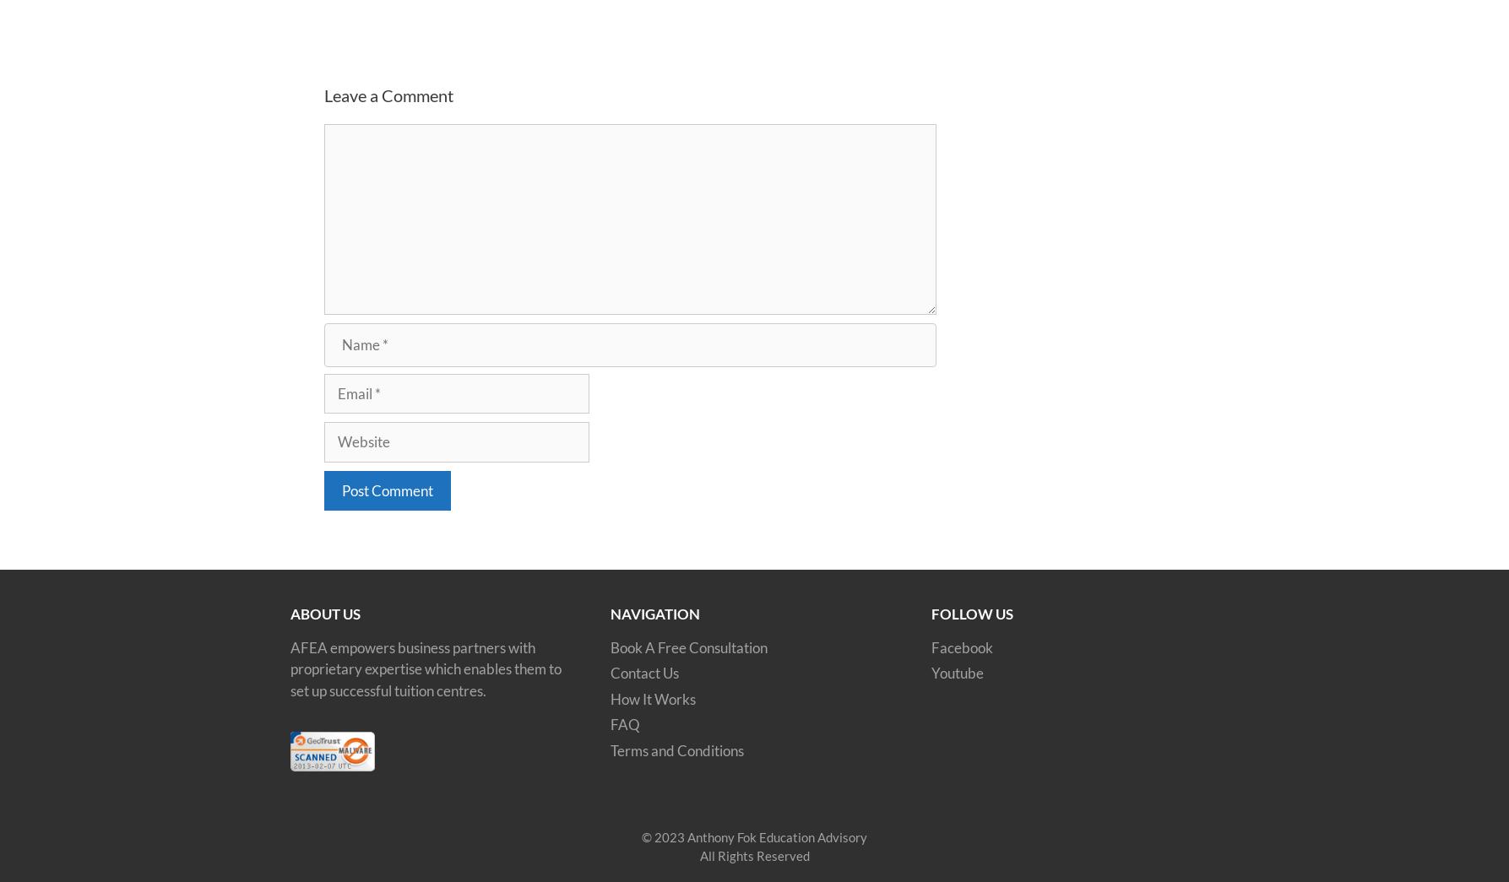 The image size is (1509, 882). What do you see at coordinates (653, 697) in the screenshot?
I see `'How It Works'` at bounding box center [653, 697].